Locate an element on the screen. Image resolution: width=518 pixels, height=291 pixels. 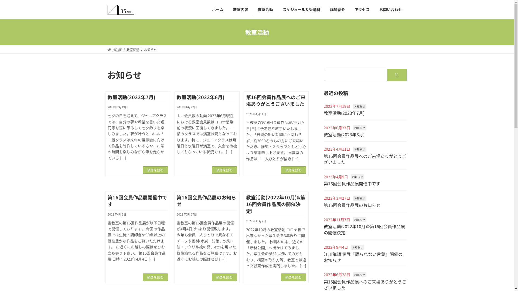
'HOME' is located at coordinates (114, 49).